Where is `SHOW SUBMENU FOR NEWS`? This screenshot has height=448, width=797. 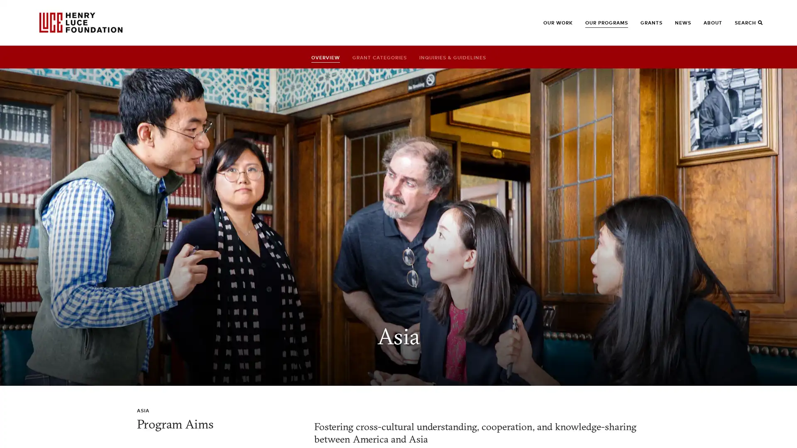 SHOW SUBMENU FOR NEWS is located at coordinates (688, 26).